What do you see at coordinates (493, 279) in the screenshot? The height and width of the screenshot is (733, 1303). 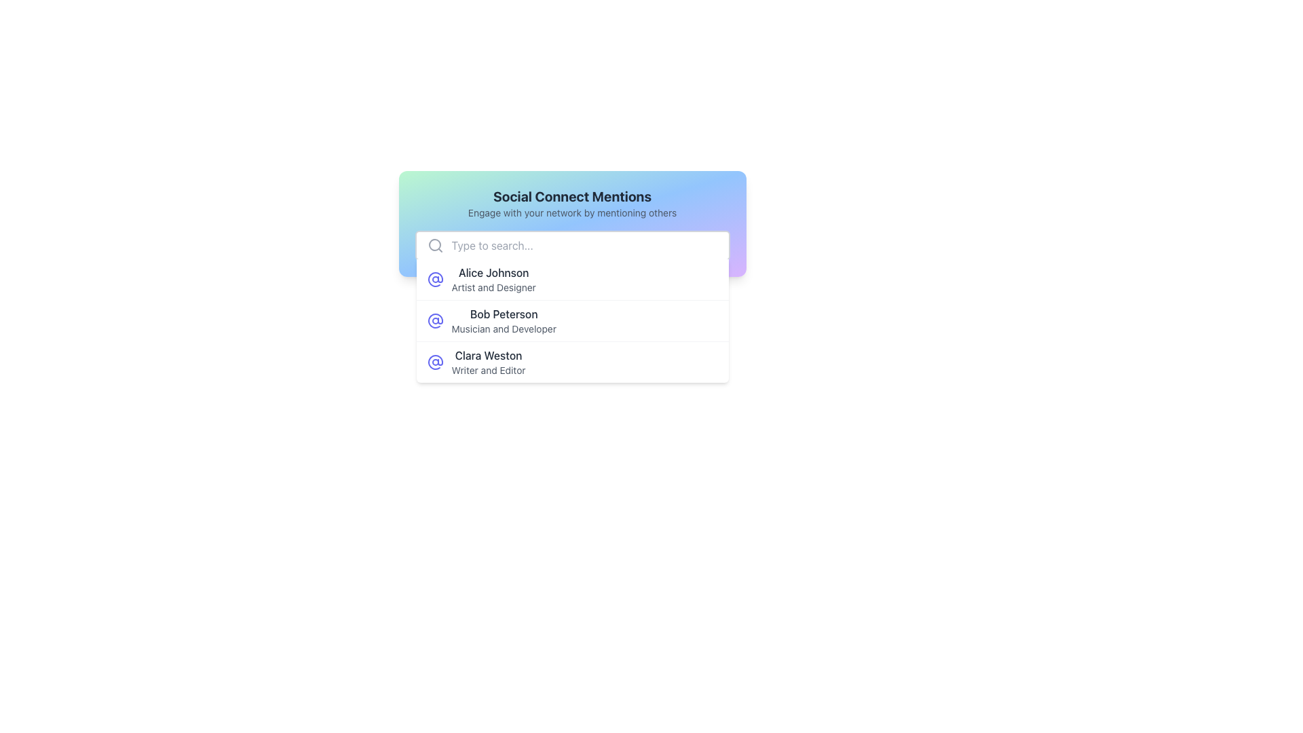 I see `the text label displaying the name and profession of the user suggested by the 'Social Connect Mentions' tool, located in the first item of the dropdown panel, below the input search box and above 'Bob Peterson'` at bounding box center [493, 279].